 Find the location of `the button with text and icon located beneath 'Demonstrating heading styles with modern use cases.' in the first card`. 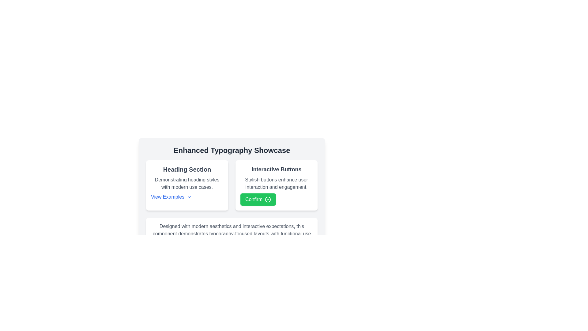

the button with text and icon located beneath 'Demonstrating heading styles with modern use cases.' in the first card is located at coordinates (171, 197).